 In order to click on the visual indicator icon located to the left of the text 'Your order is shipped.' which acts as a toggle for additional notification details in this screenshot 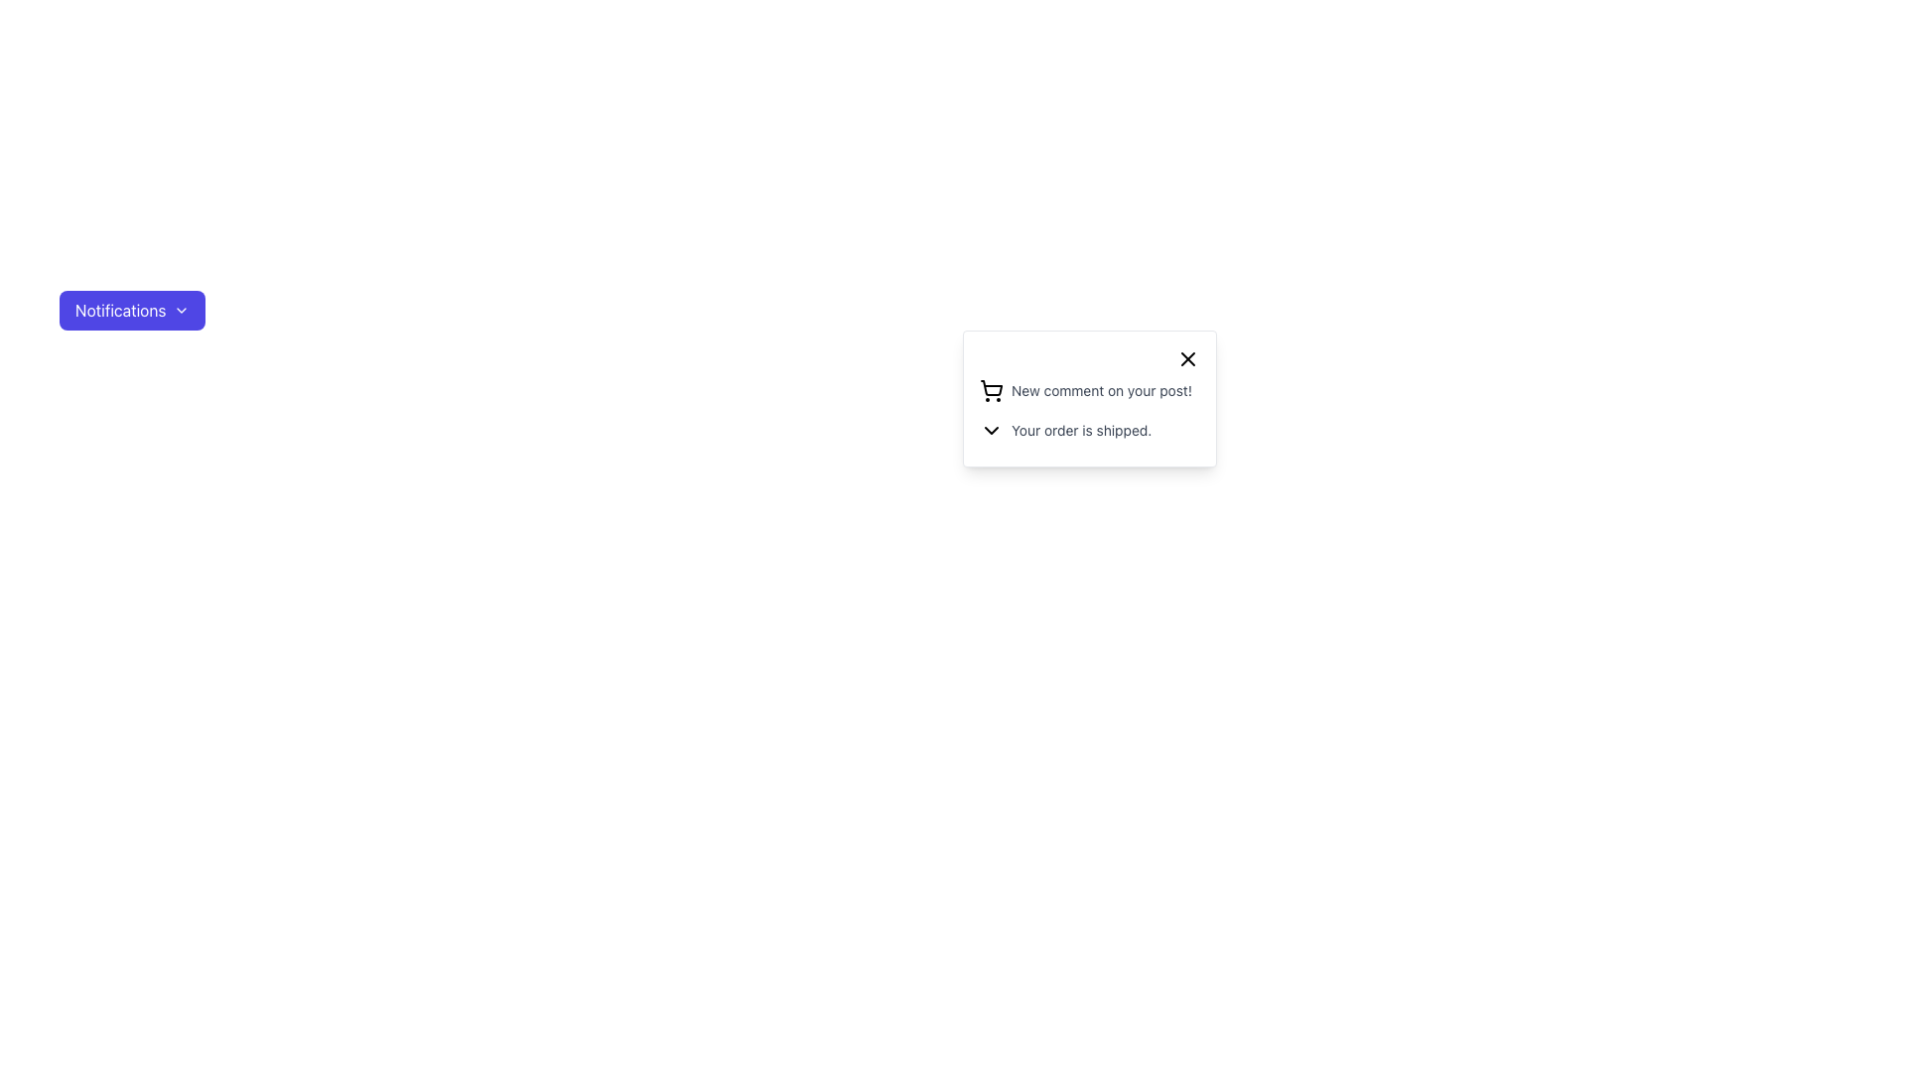, I will do `click(991, 430)`.